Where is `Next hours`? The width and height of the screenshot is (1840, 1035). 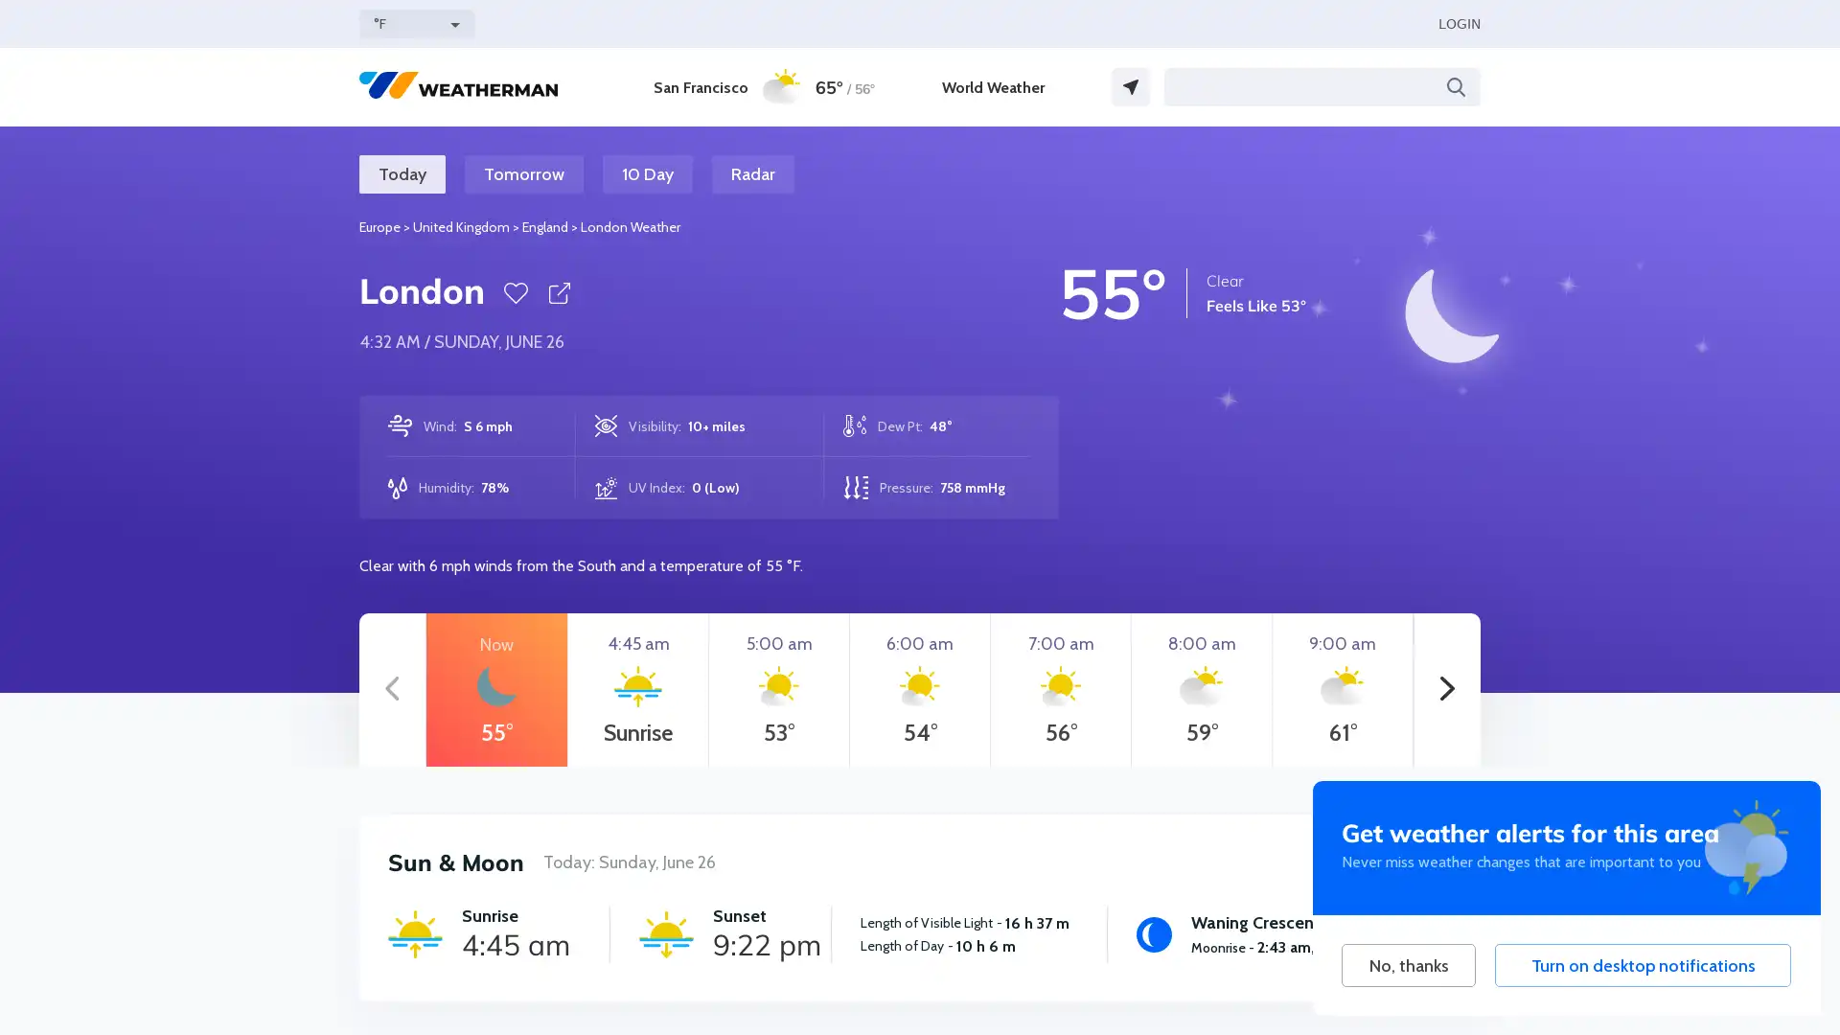
Next hours is located at coordinates (1447, 690).